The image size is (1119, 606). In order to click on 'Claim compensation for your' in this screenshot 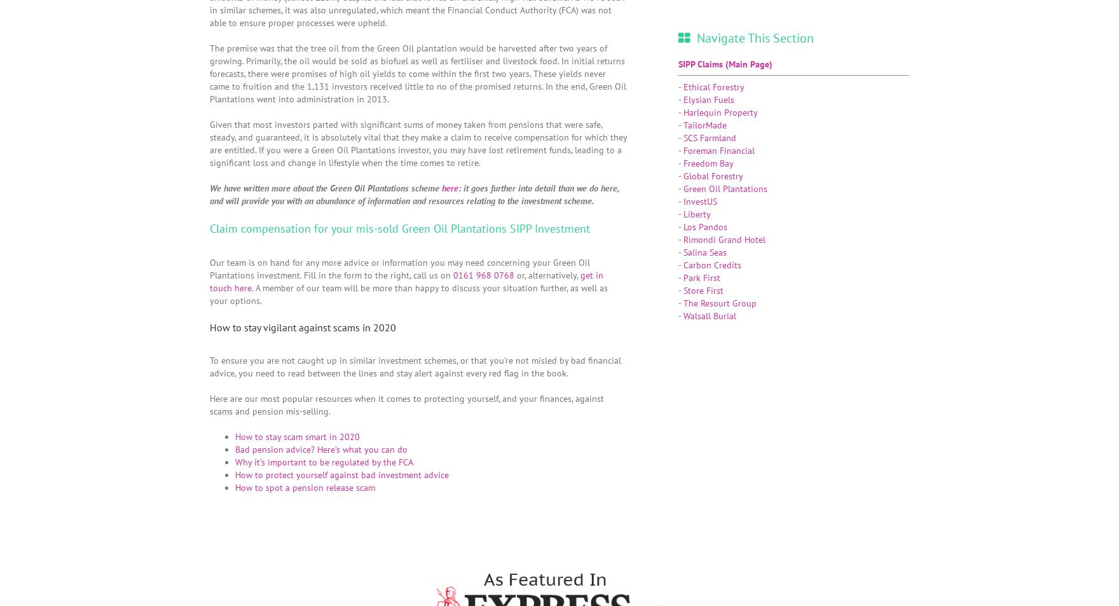, I will do `click(282, 227)`.